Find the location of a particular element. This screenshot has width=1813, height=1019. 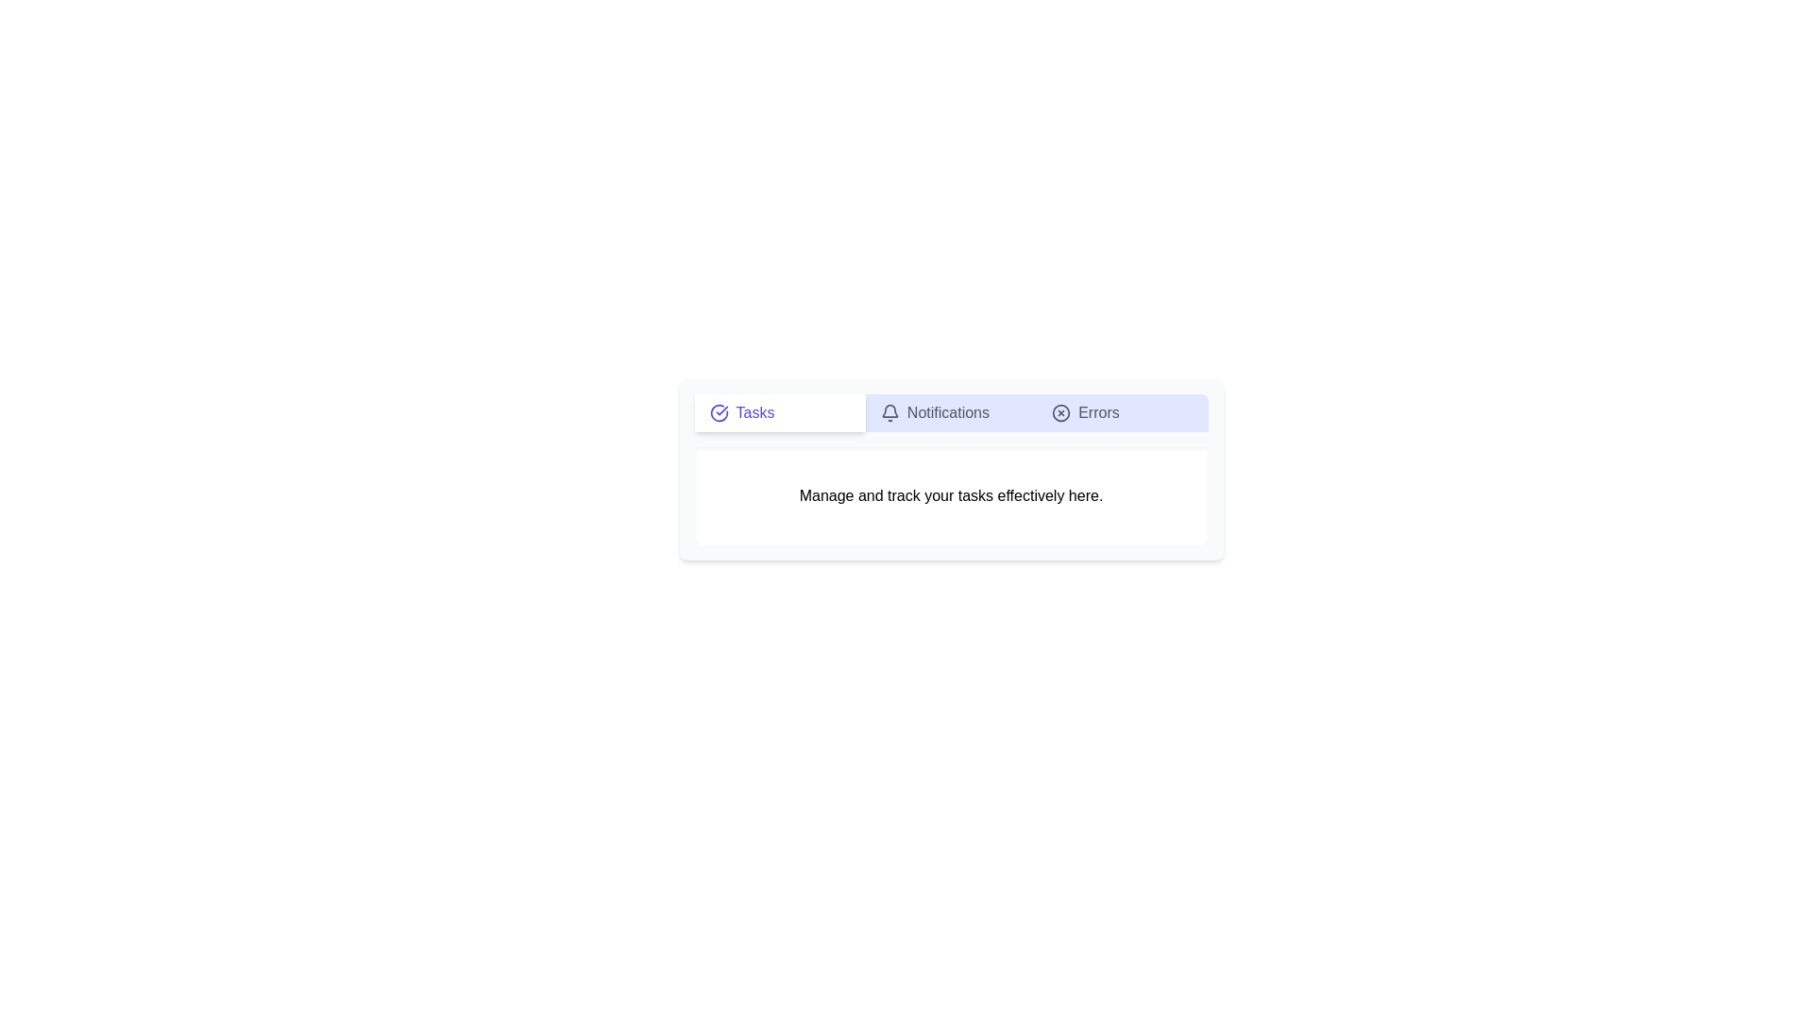

the Notifications tab by clicking on its button is located at coordinates (951, 412).